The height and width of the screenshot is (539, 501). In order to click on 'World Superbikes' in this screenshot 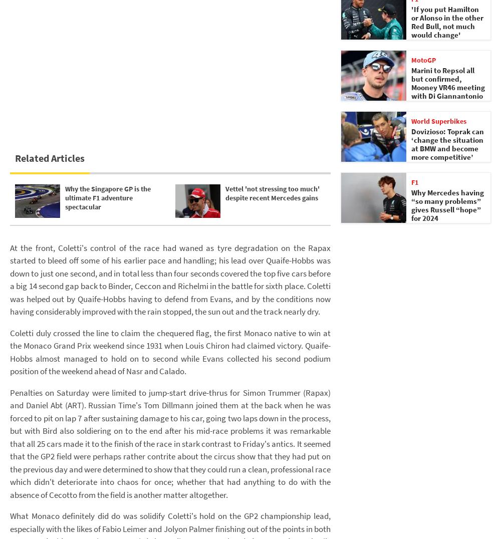, I will do `click(411, 121)`.